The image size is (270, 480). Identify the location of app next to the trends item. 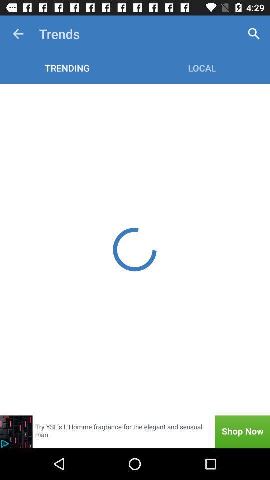
(18, 34).